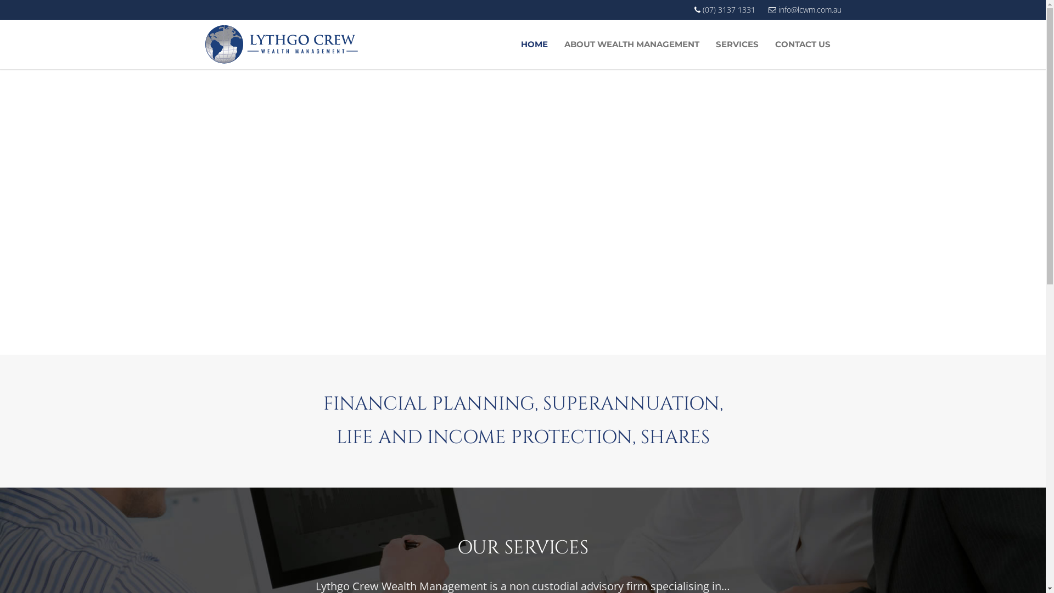 The height and width of the screenshot is (593, 1054). What do you see at coordinates (724, 10) in the screenshot?
I see `'(07) 3137 1331'` at bounding box center [724, 10].